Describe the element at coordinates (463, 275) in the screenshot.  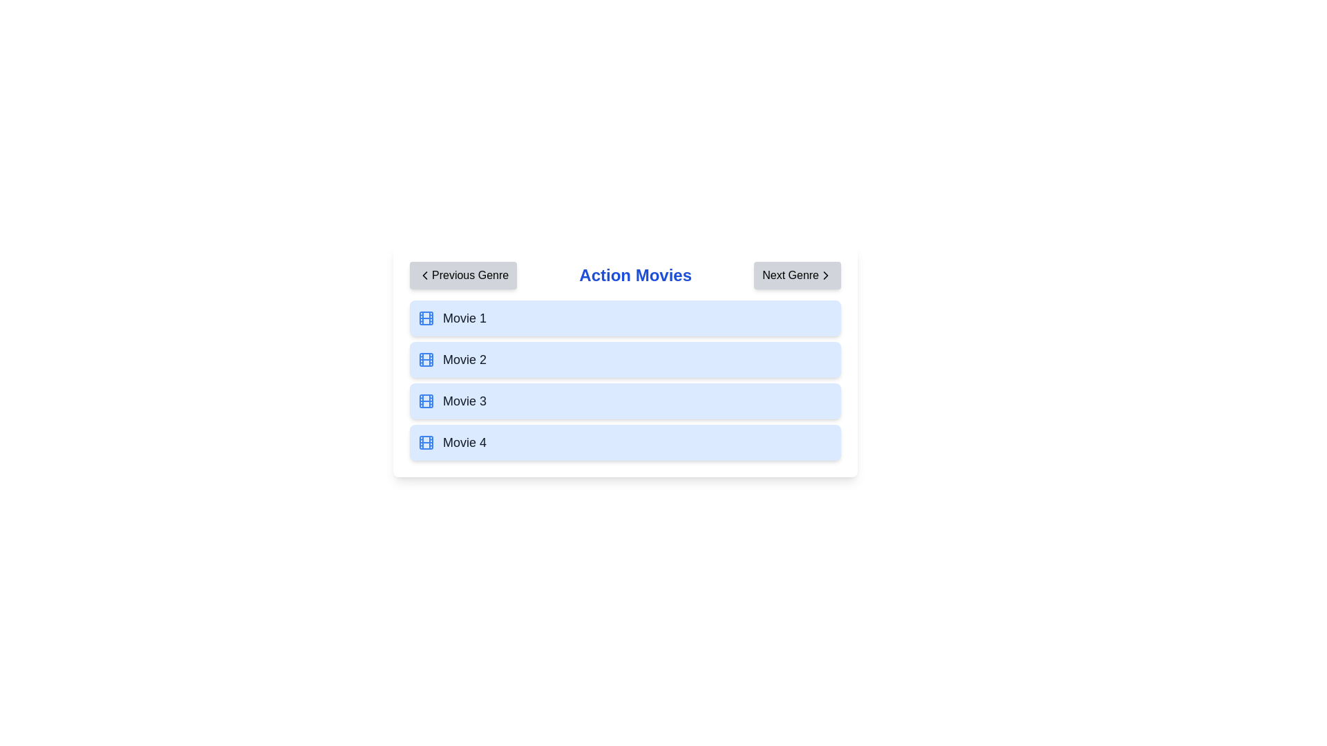
I see `the 'Previous Genre' button, which is a rectangular button with rounded corners and a gray background, located on the left side of the control section` at that location.